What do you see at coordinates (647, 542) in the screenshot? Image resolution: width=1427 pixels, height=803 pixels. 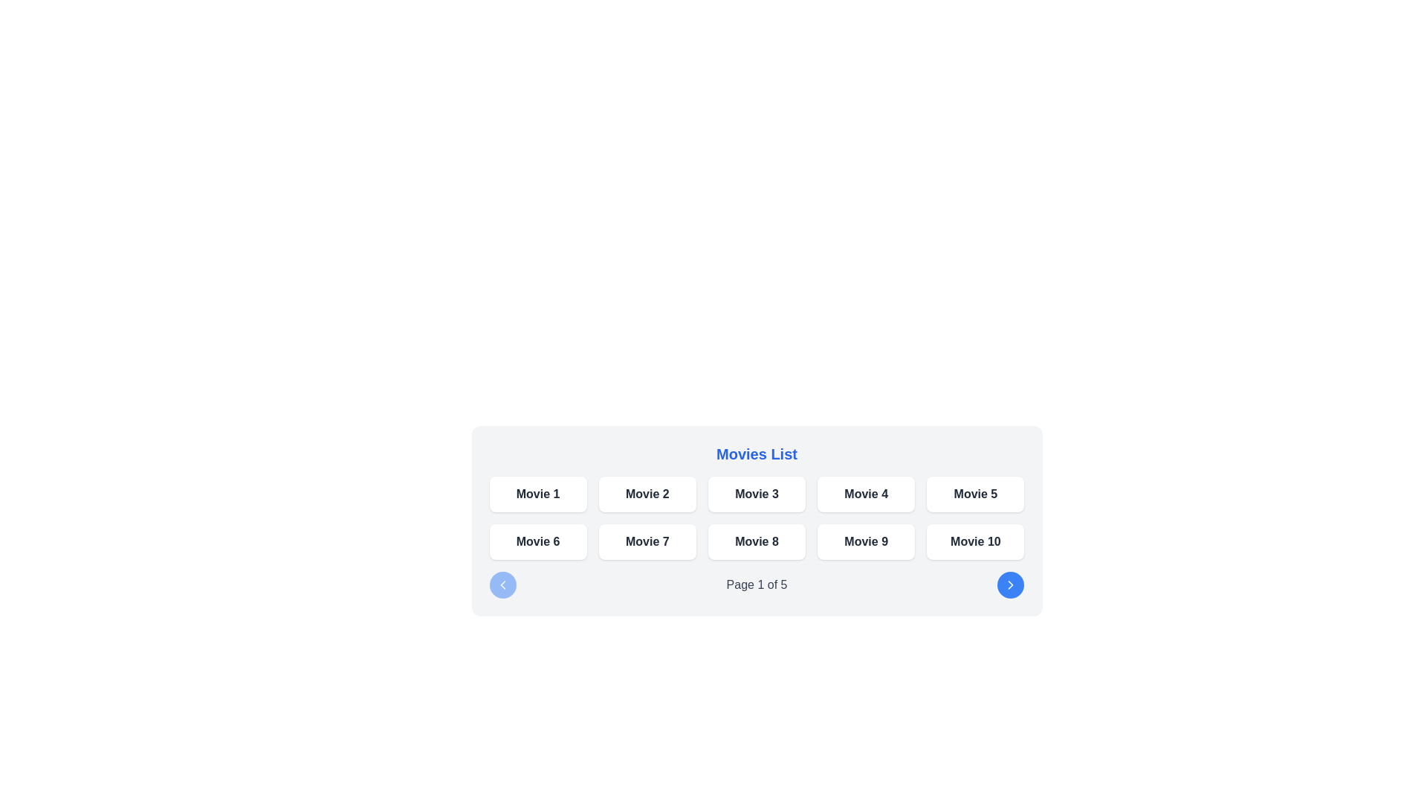 I see `or parse the text from the tile labeled 'Movie 7', which is a rectangular button with a white background and dark gray bold text, located in the second row and second column of the grid layout` at bounding box center [647, 542].